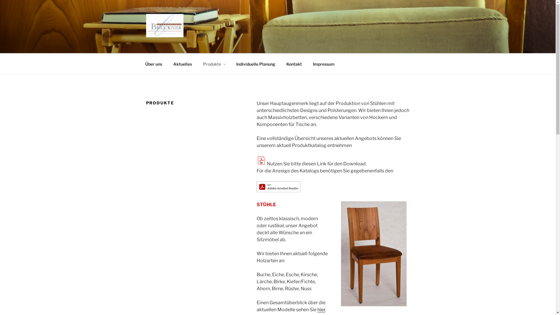 This screenshot has height=315, width=560. I want to click on 'Kontakt', so click(294, 64).